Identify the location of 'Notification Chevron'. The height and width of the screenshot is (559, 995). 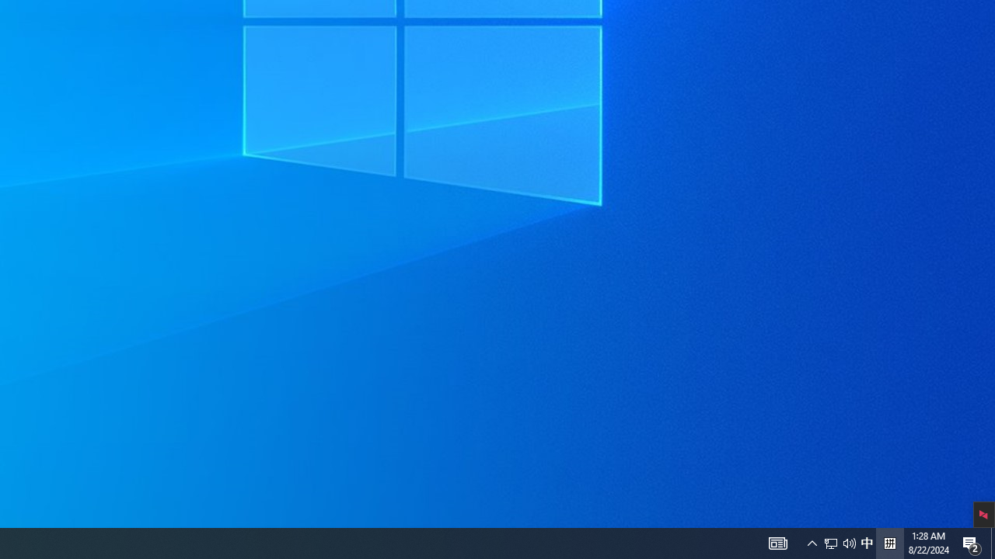
(812, 542).